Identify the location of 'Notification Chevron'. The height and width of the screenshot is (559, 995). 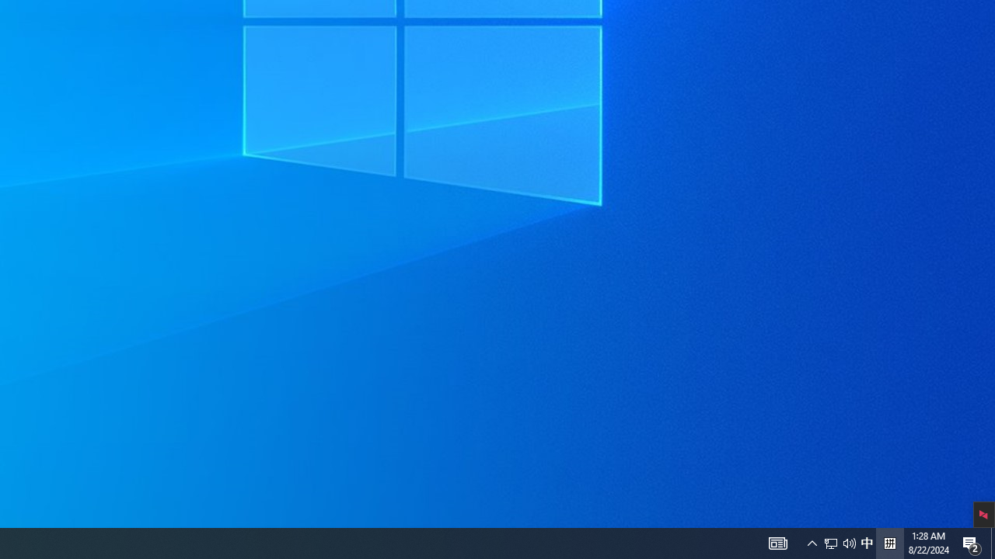
(812, 542).